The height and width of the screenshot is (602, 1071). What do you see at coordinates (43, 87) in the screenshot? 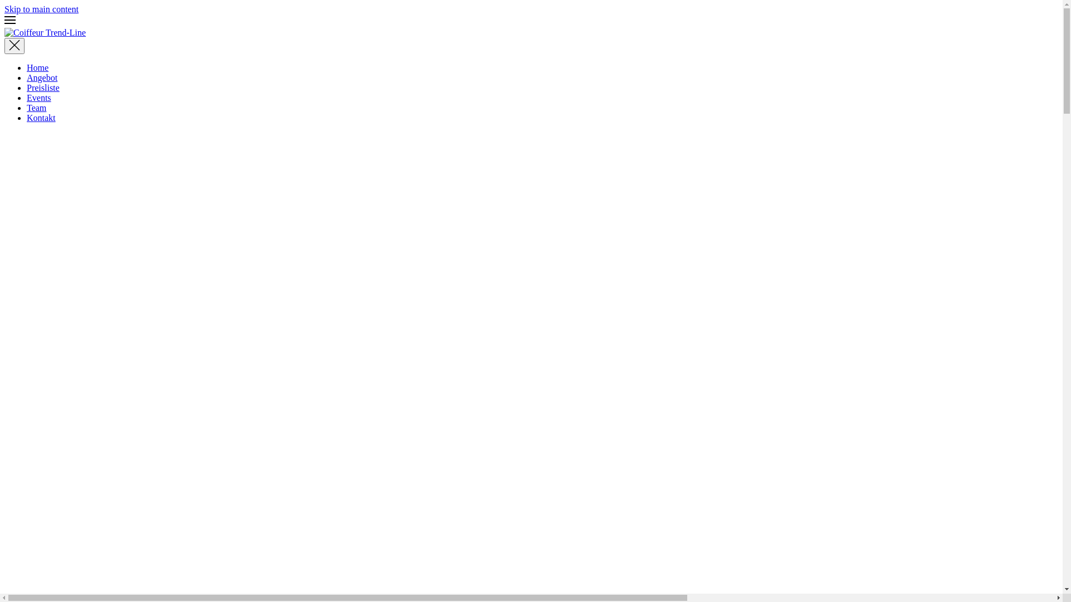
I see `'Preisliste'` at bounding box center [43, 87].